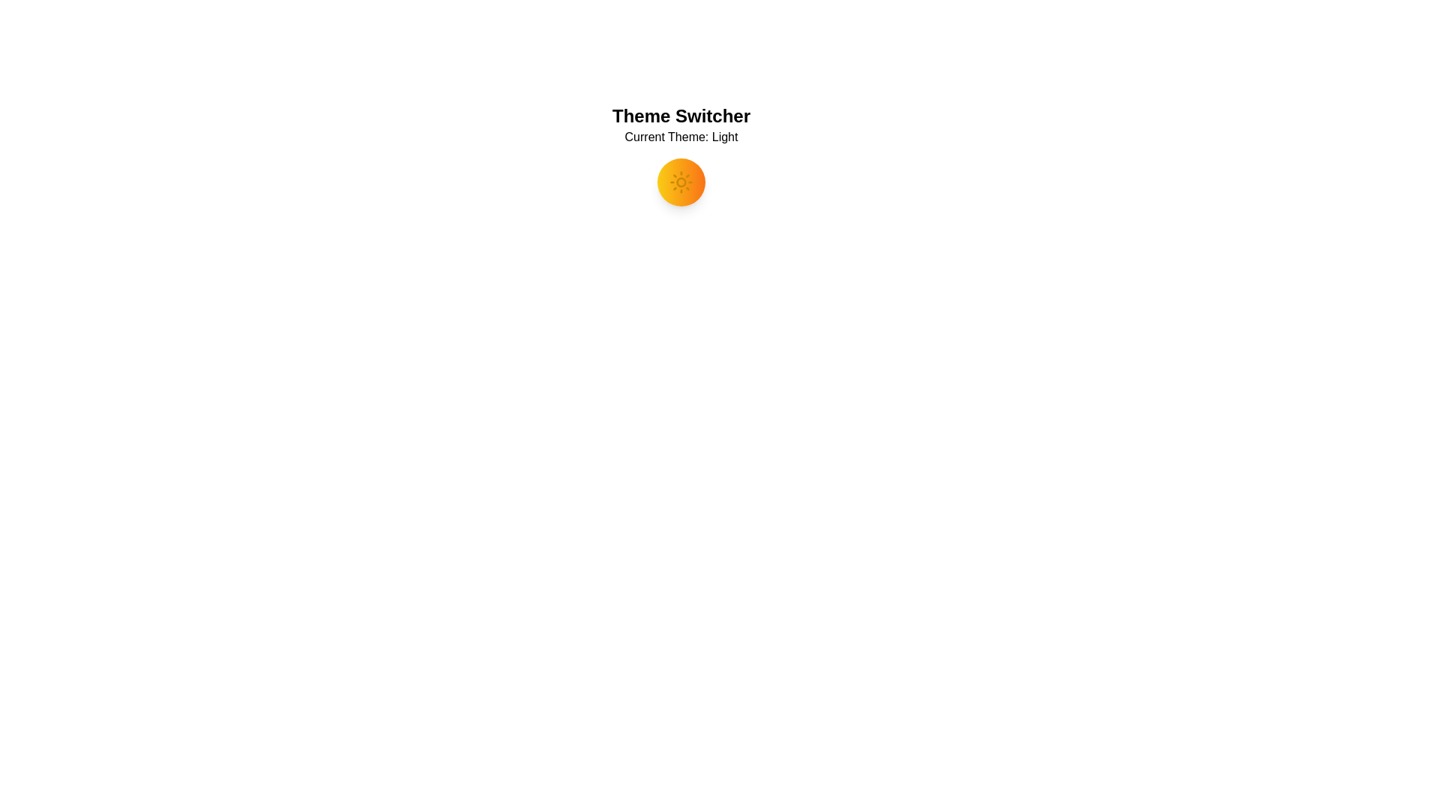 Image resolution: width=1441 pixels, height=811 pixels. I want to click on button to toggle the theme, so click(680, 182).